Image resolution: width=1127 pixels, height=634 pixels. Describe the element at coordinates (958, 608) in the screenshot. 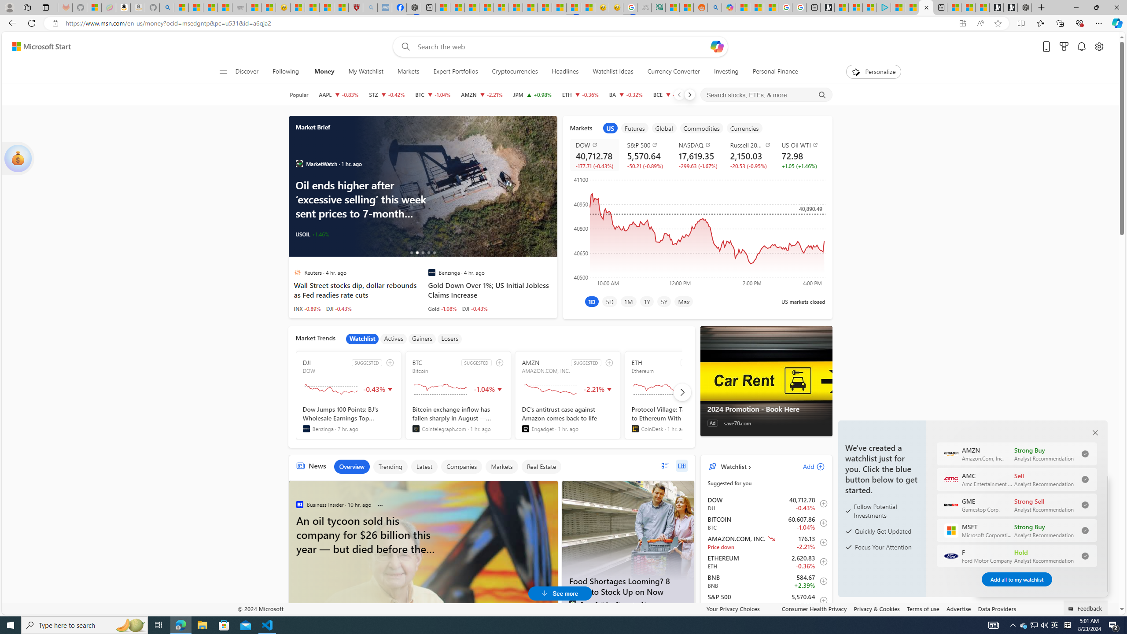

I see `'Advertise'` at that location.